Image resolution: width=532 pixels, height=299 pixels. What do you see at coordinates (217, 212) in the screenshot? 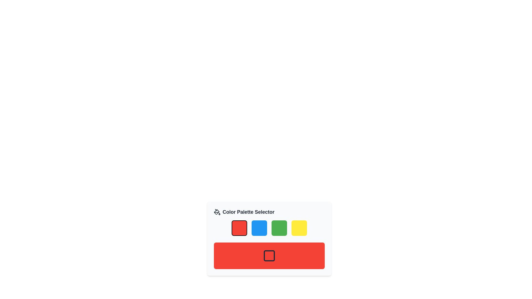
I see `the decorative icon located to the left of the 'Color Palette Selector' label` at bounding box center [217, 212].